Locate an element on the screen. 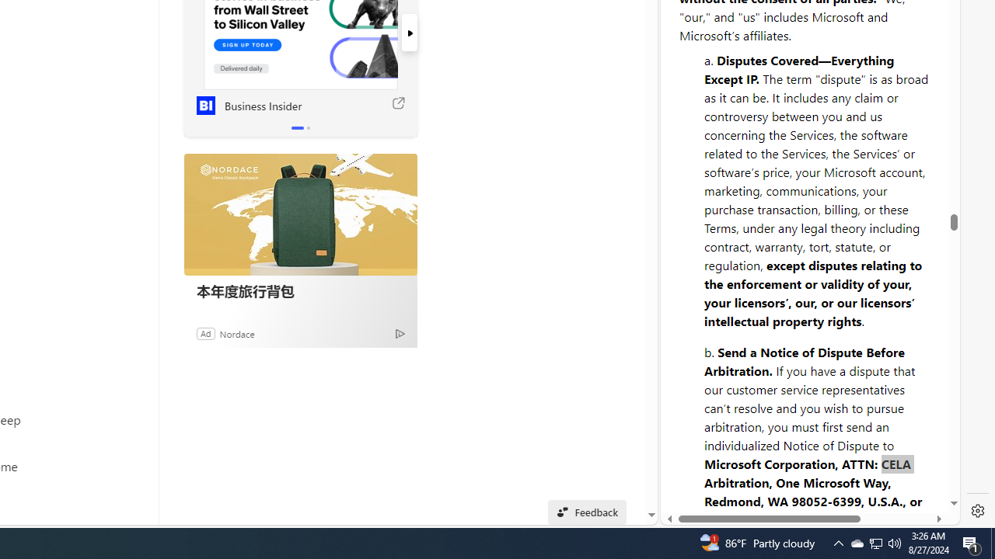  'next' is located at coordinates (409, 33).